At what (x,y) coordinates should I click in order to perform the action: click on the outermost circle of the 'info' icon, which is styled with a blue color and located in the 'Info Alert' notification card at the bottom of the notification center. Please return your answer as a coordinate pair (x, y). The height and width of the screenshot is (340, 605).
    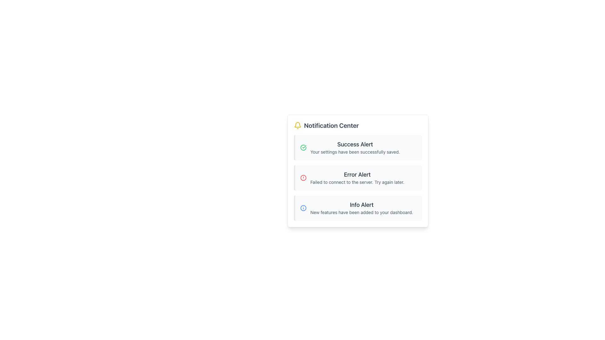
    Looking at the image, I should click on (303, 208).